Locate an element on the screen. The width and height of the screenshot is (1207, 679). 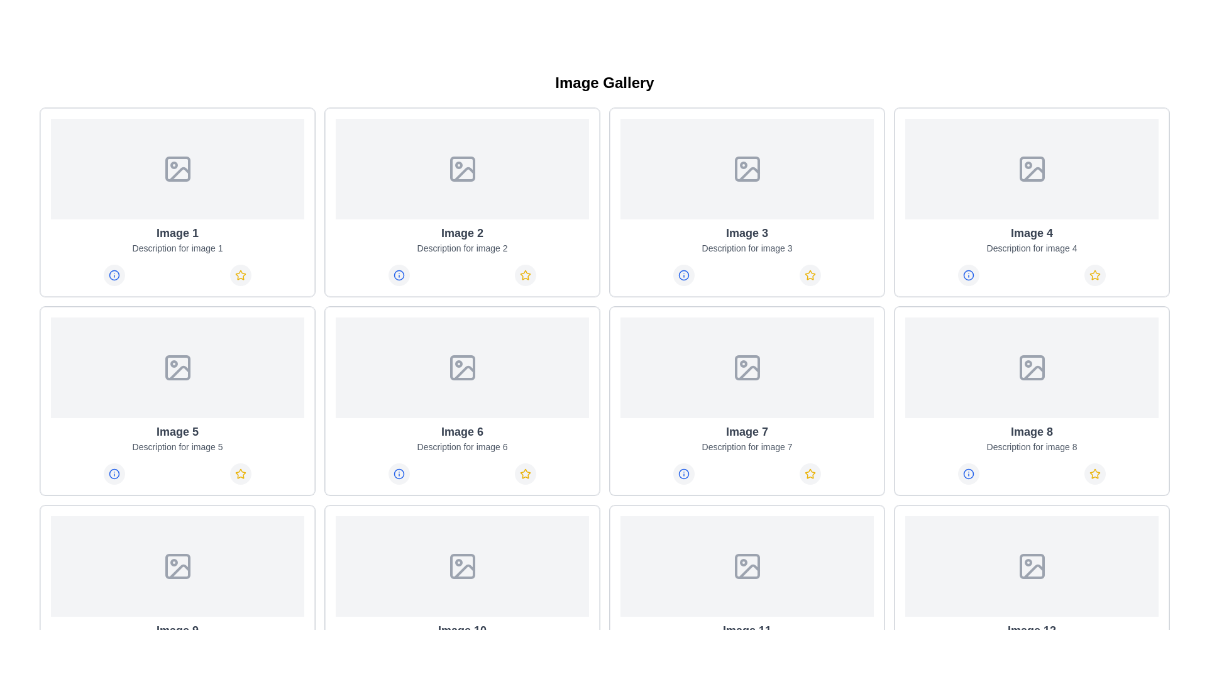
the star icon button located at the bottom-right corner of the third image card in the top row of the grid is located at coordinates (810, 275).